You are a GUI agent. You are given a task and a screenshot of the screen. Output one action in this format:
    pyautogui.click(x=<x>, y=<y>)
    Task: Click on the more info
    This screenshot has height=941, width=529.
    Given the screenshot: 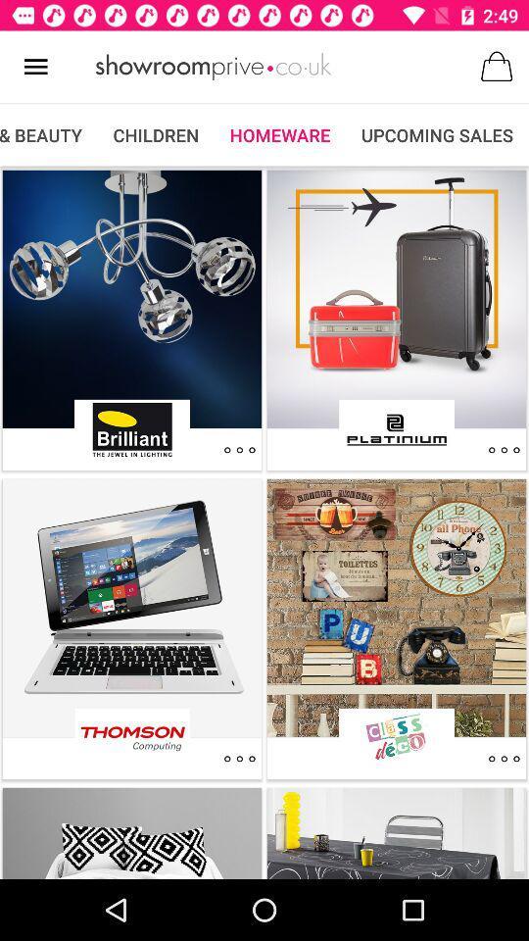 What is the action you would take?
    pyautogui.click(x=239, y=450)
    